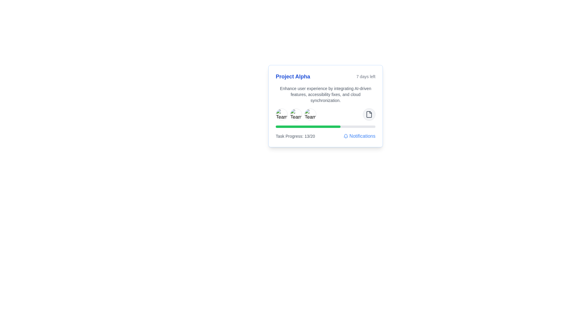 The width and height of the screenshot is (573, 322). Describe the element at coordinates (281, 114) in the screenshot. I see `the first avatar image representing a team member in the 'Project Alpha' card` at that location.